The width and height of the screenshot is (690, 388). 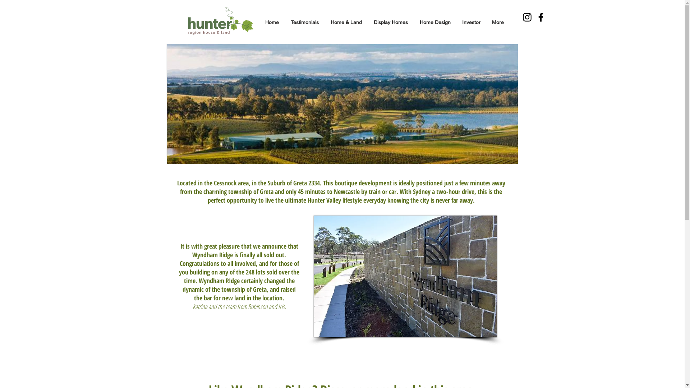 I want to click on 'Investor', so click(x=471, y=22).